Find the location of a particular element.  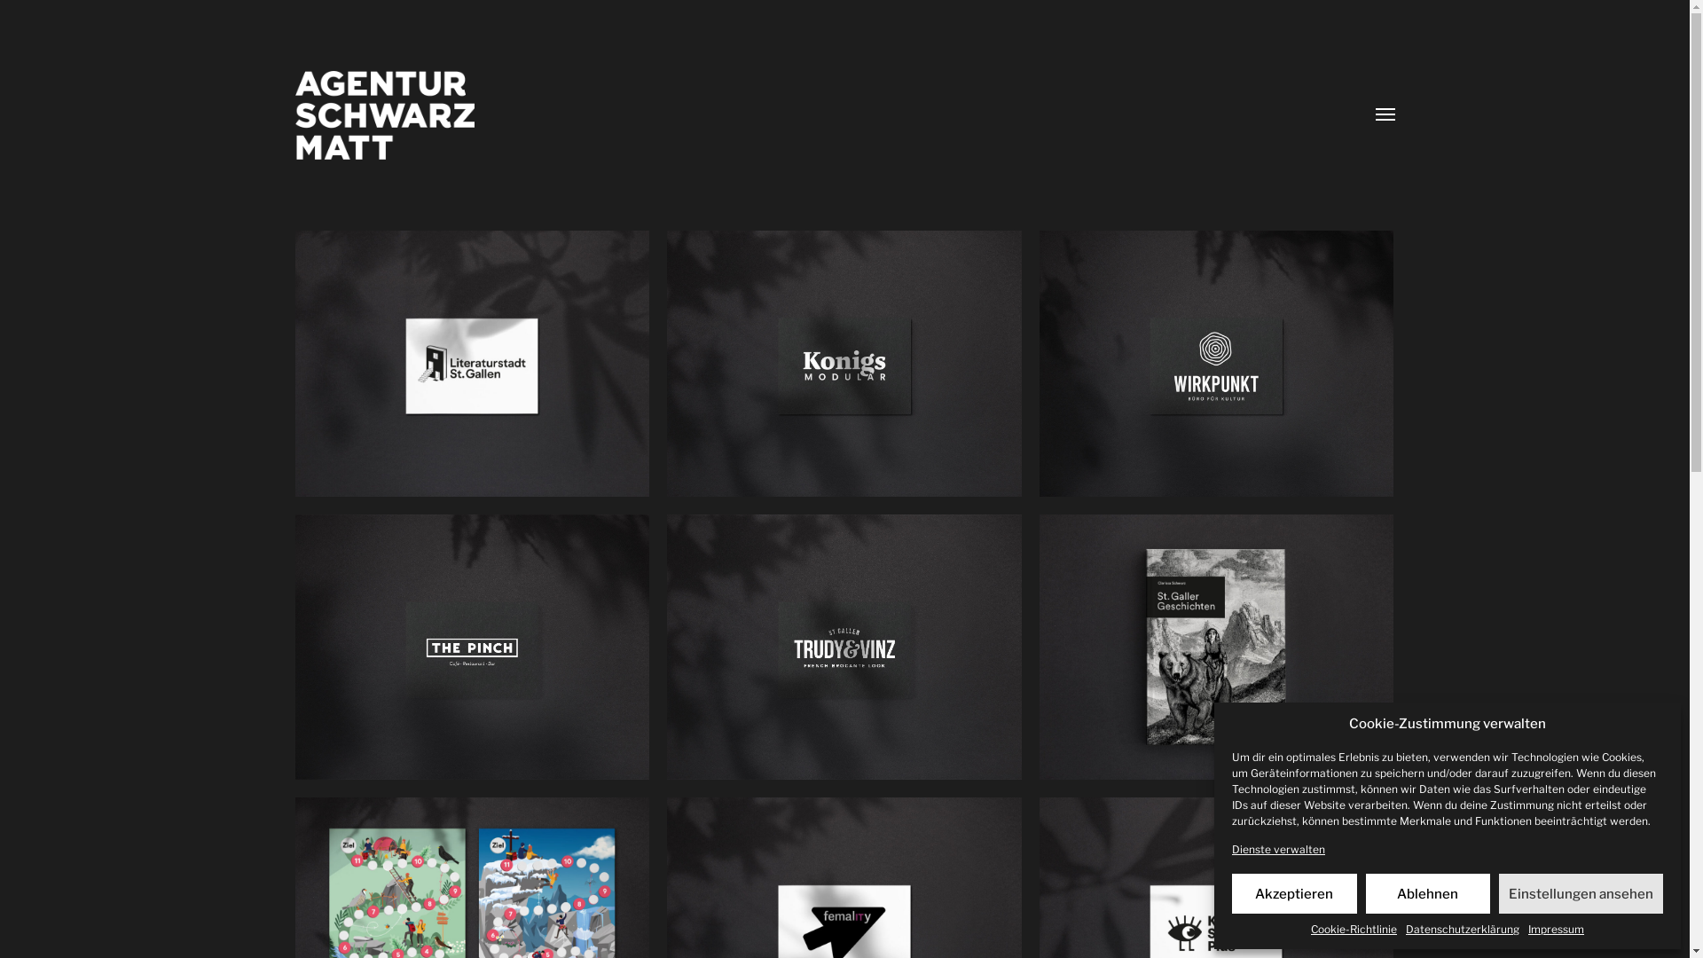

'Dienste verwalten' is located at coordinates (1230, 848).